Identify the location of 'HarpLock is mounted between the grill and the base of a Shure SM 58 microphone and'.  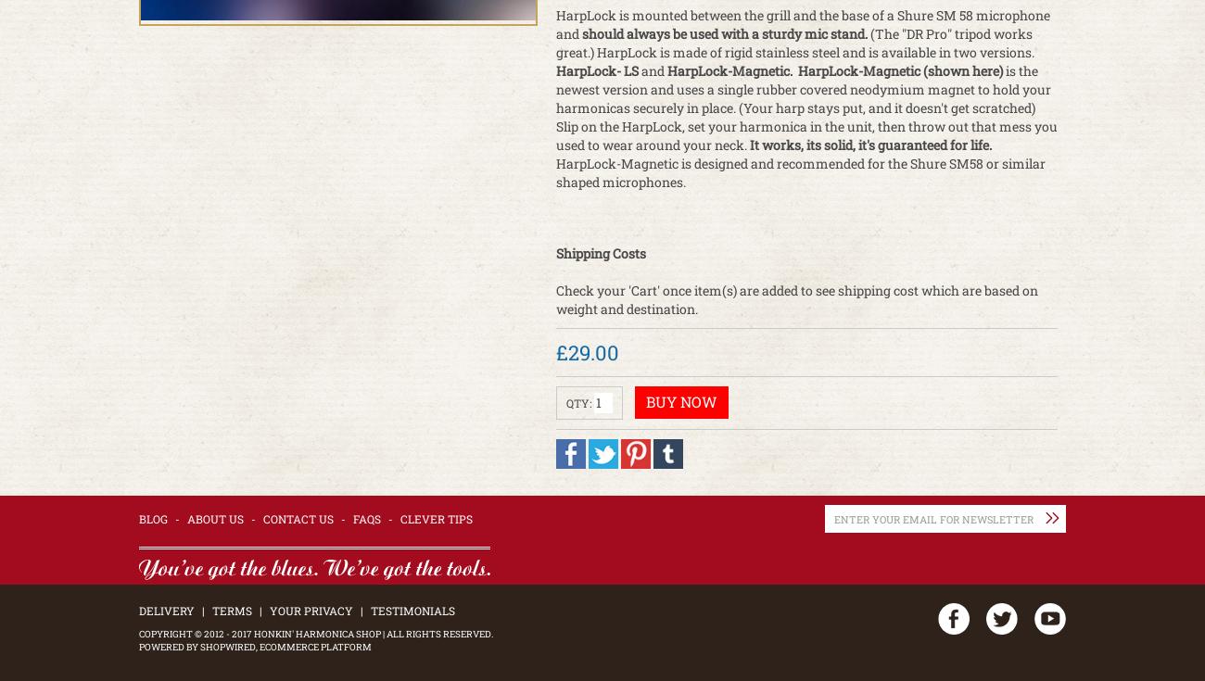
(555, 23).